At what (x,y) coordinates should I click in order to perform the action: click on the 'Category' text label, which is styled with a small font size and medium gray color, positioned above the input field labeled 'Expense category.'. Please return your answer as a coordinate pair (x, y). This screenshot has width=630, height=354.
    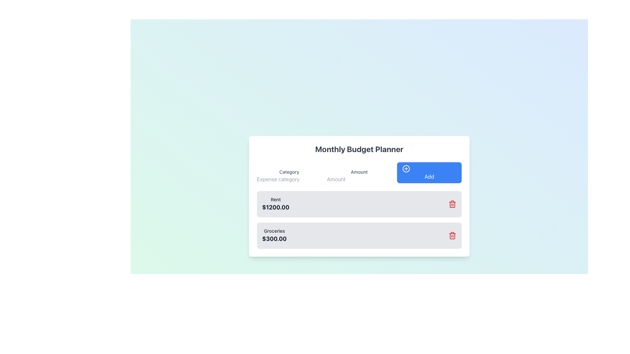
    Looking at the image, I should click on (289, 171).